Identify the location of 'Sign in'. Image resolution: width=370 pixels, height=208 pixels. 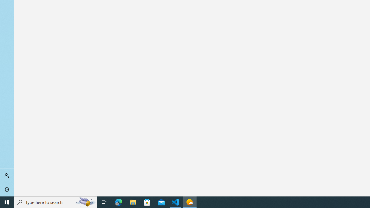
(7, 175).